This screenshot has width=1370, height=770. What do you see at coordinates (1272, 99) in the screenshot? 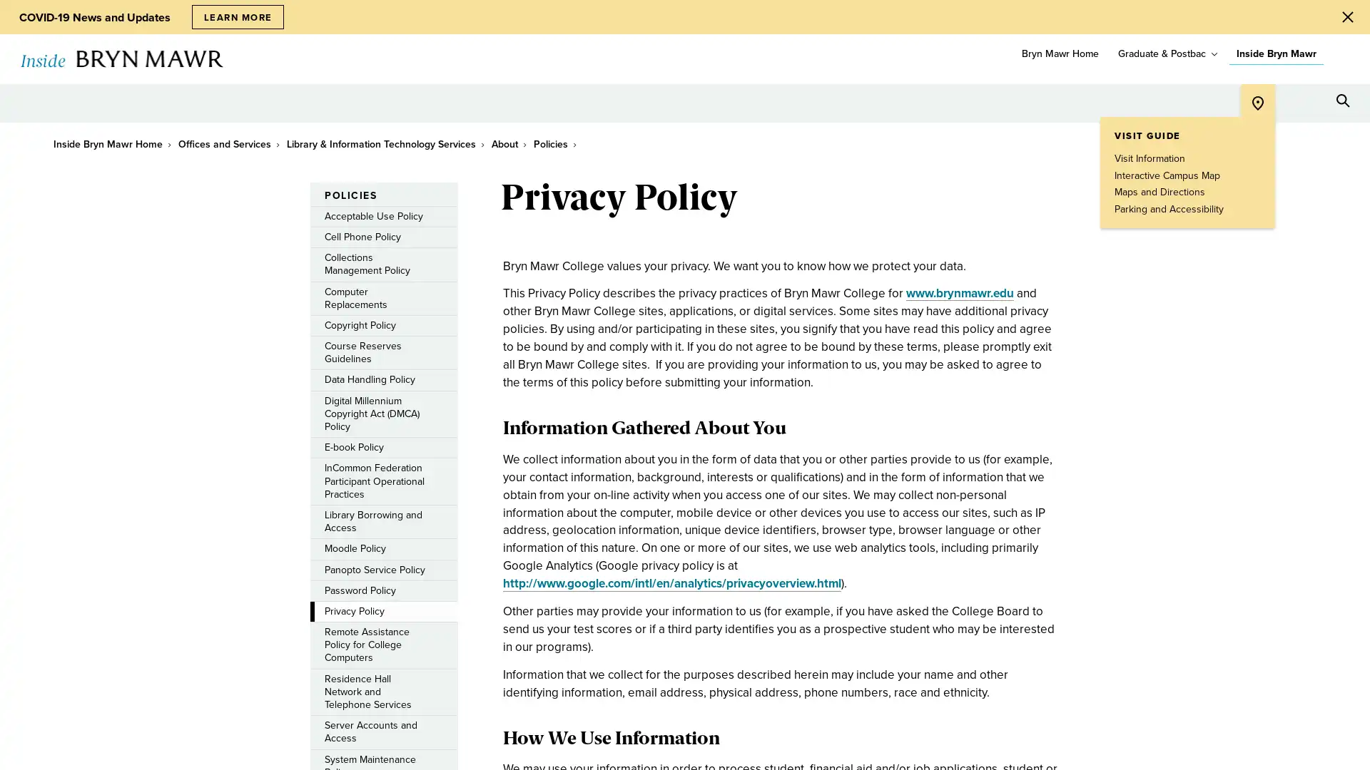
I see `Open Tools menu` at bounding box center [1272, 99].